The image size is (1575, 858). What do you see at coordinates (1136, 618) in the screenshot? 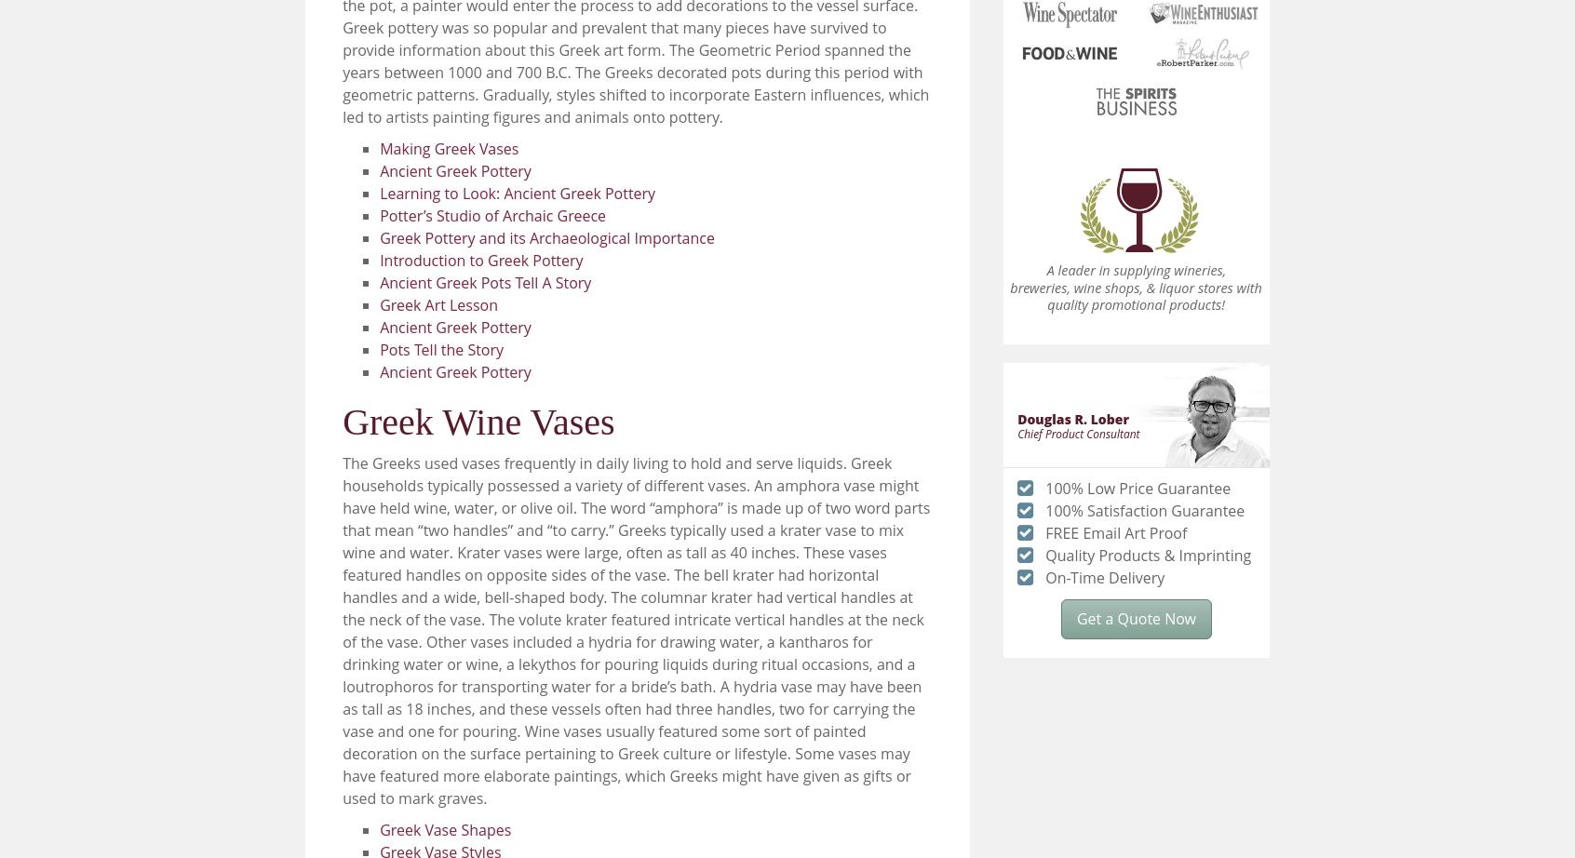
I see `'Get a Quote Now'` at bounding box center [1136, 618].